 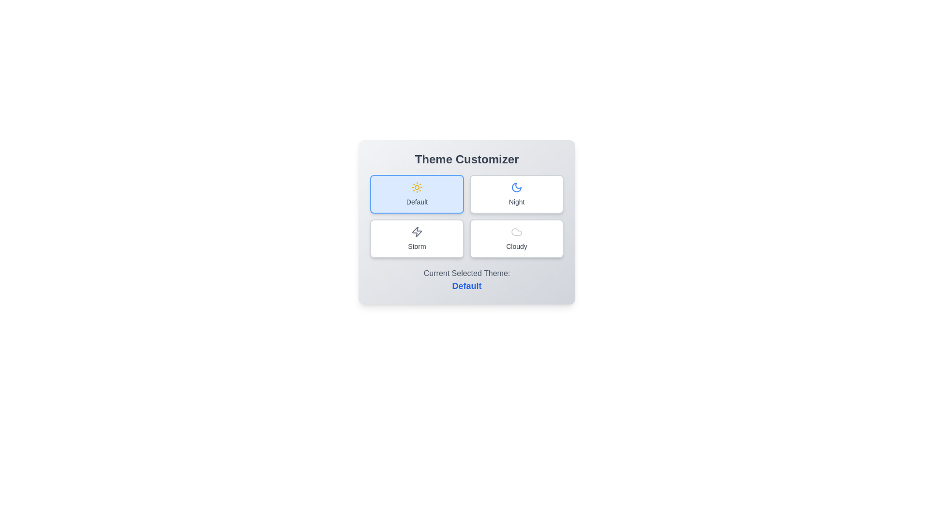 What do you see at coordinates (417, 238) in the screenshot?
I see `the theme Storm by clicking on its corresponding button` at bounding box center [417, 238].